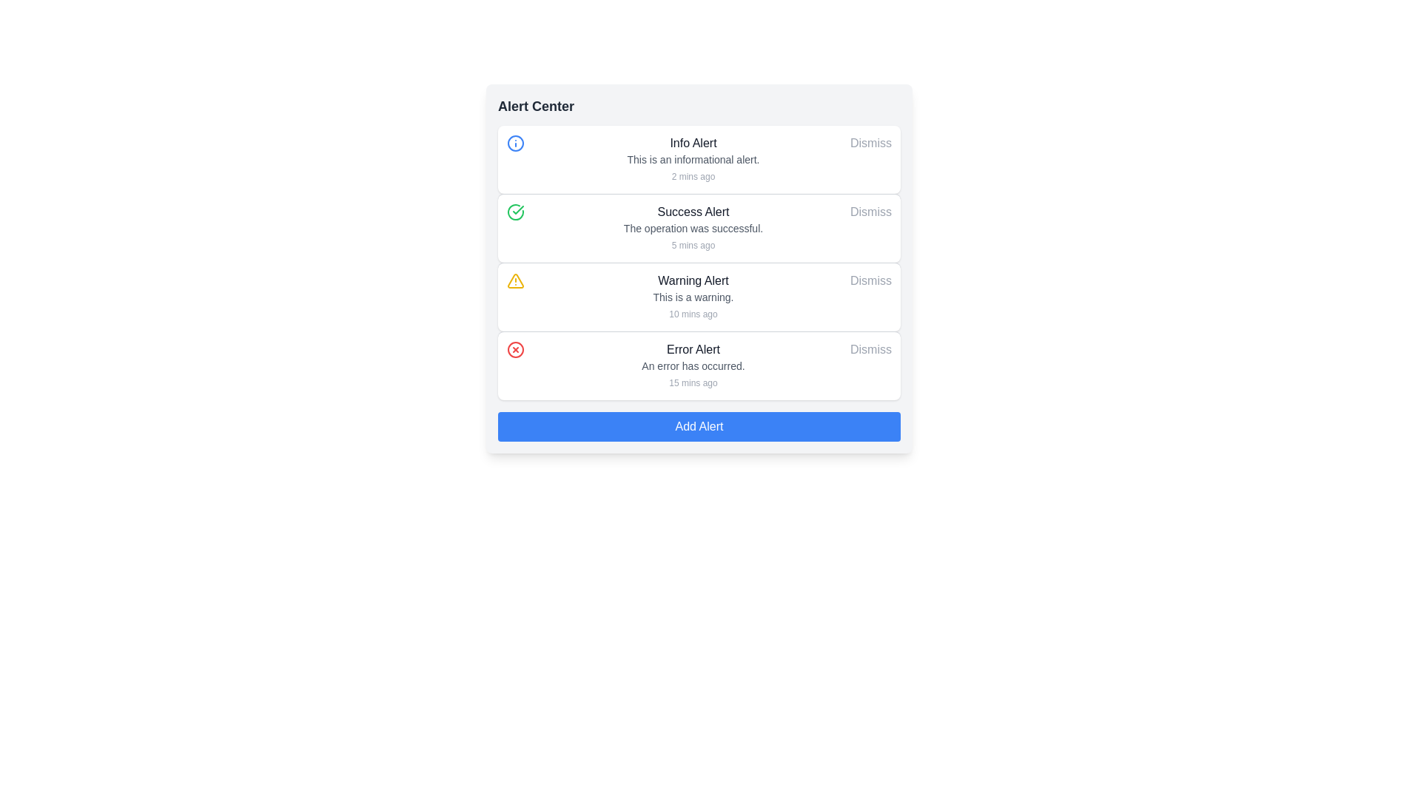 The image size is (1421, 799). What do you see at coordinates (870, 212) in the screenshot?
I see `the 'Dismiss' button, a light gray text button located on the far-right side of the 'Success Alert' message box` at bounding box center [870, 212].